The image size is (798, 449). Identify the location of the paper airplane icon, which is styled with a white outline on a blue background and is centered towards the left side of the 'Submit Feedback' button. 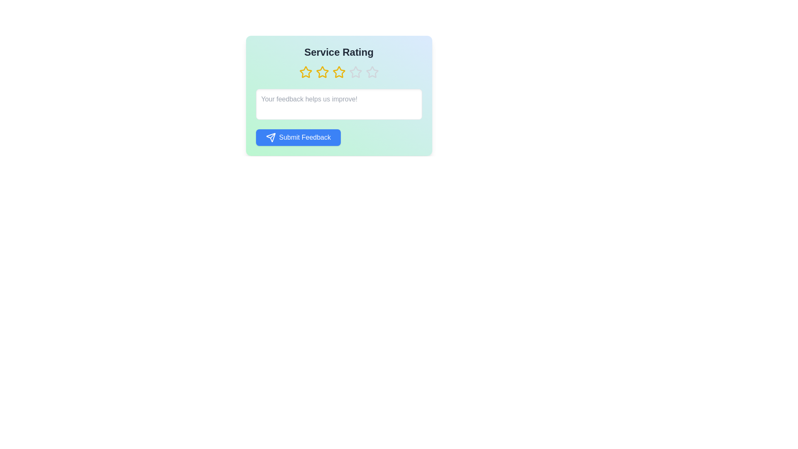
(271, 137).